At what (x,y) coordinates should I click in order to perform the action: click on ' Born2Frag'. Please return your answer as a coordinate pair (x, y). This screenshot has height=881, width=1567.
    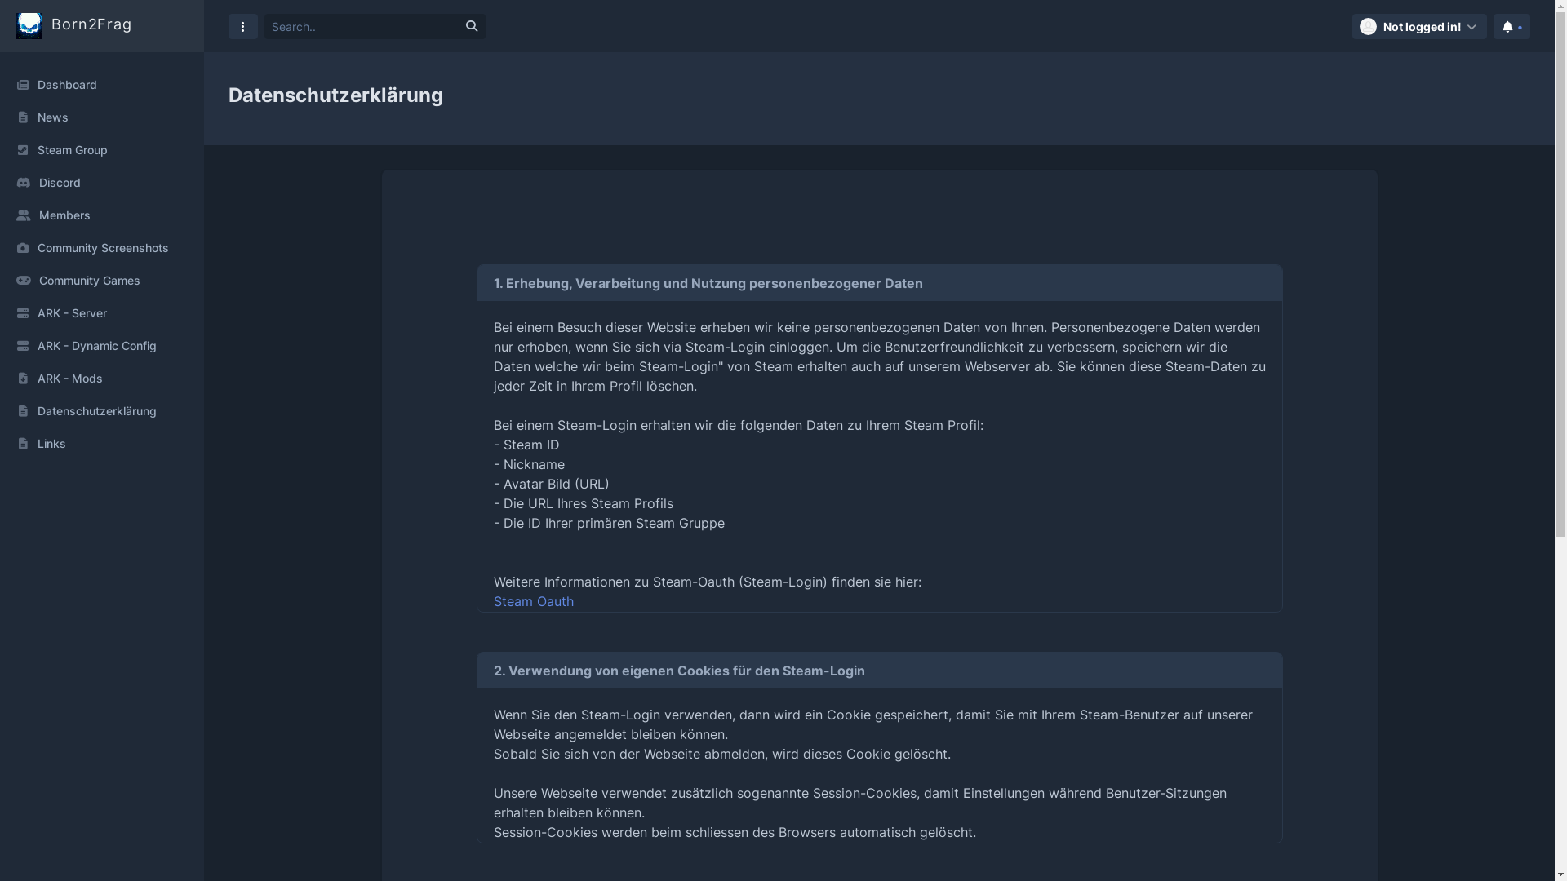
    Looking at the image, I should click on (73, 25).